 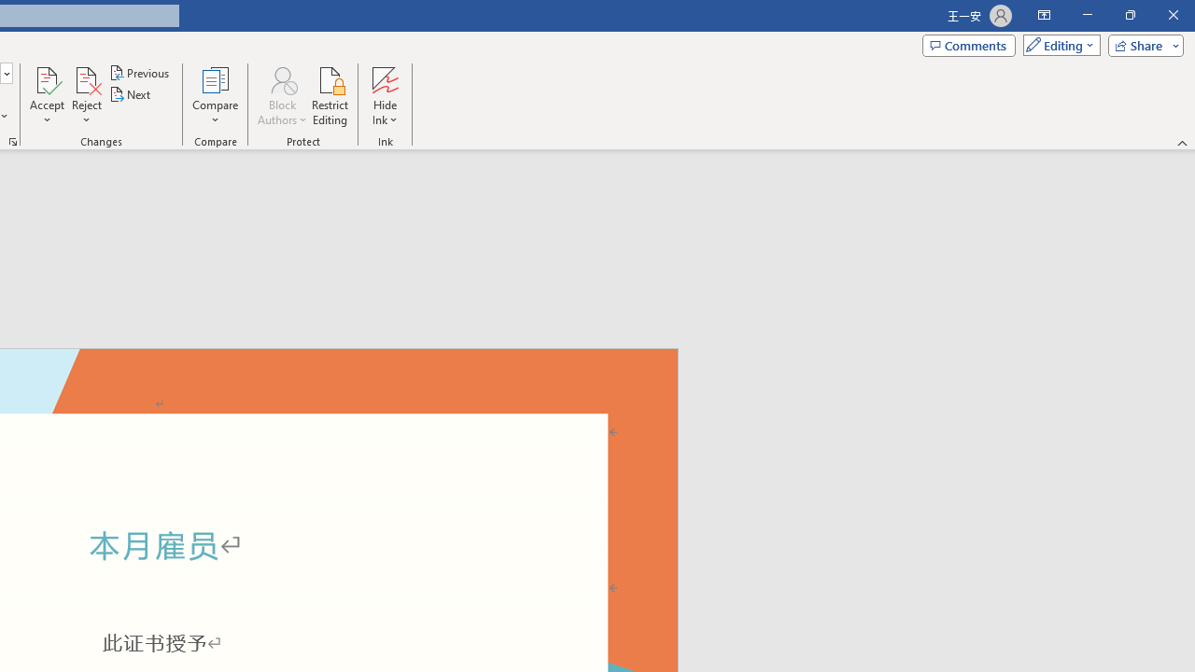 I want to click on 'Reject and Move to Next', so click(x=85, y=78).